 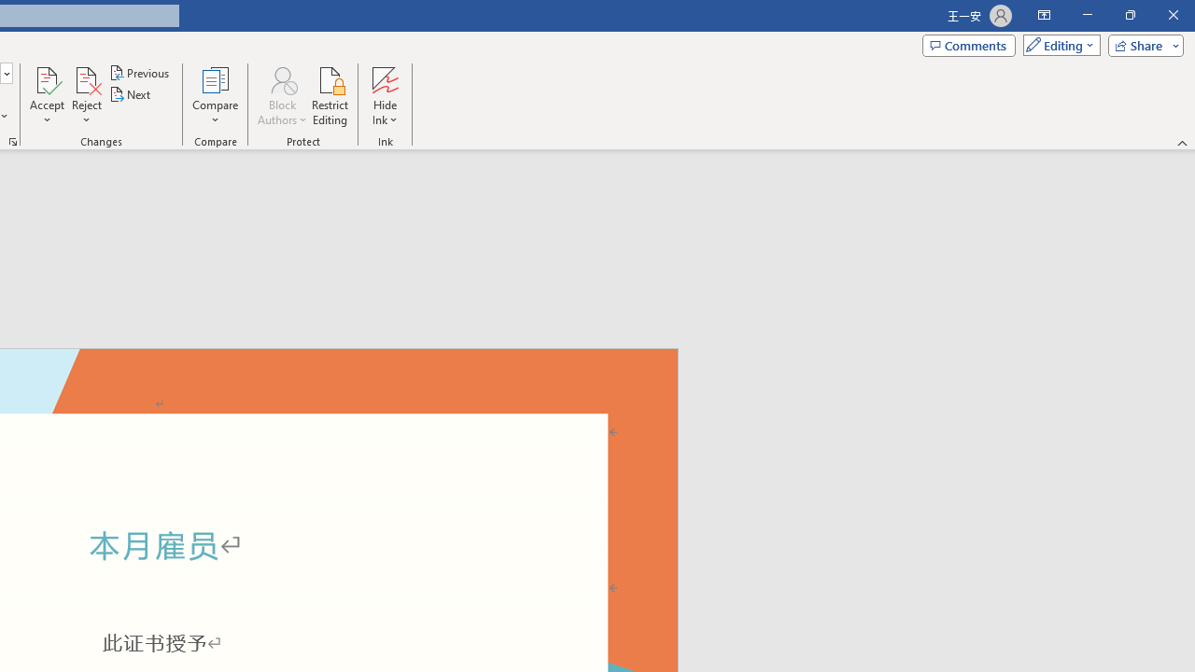 I want to click on 'Reject and Move to Next', so click(x=85, y=78).